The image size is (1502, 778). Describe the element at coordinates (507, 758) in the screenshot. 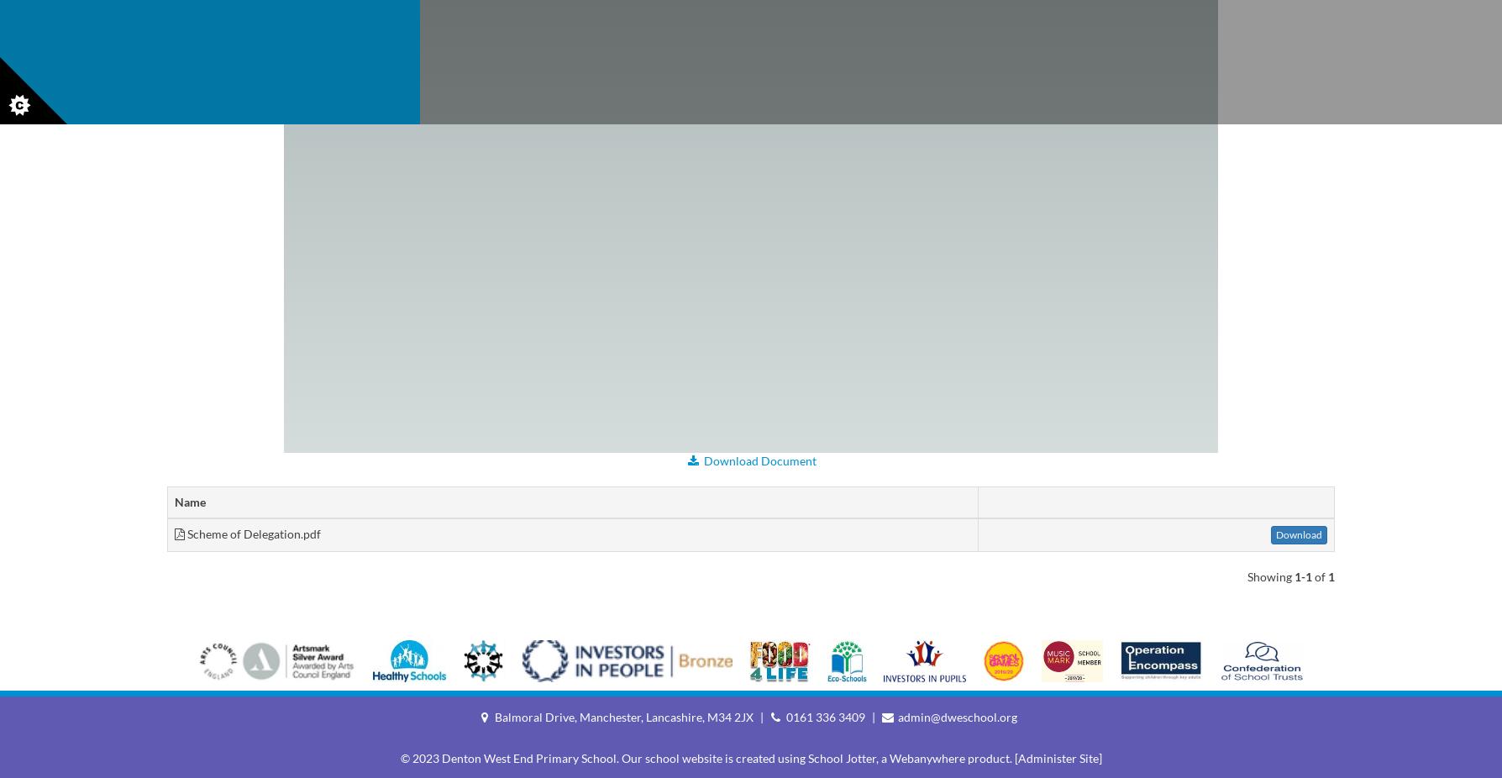

I see `'© 2023 Denton West End Primary School'` at that location.